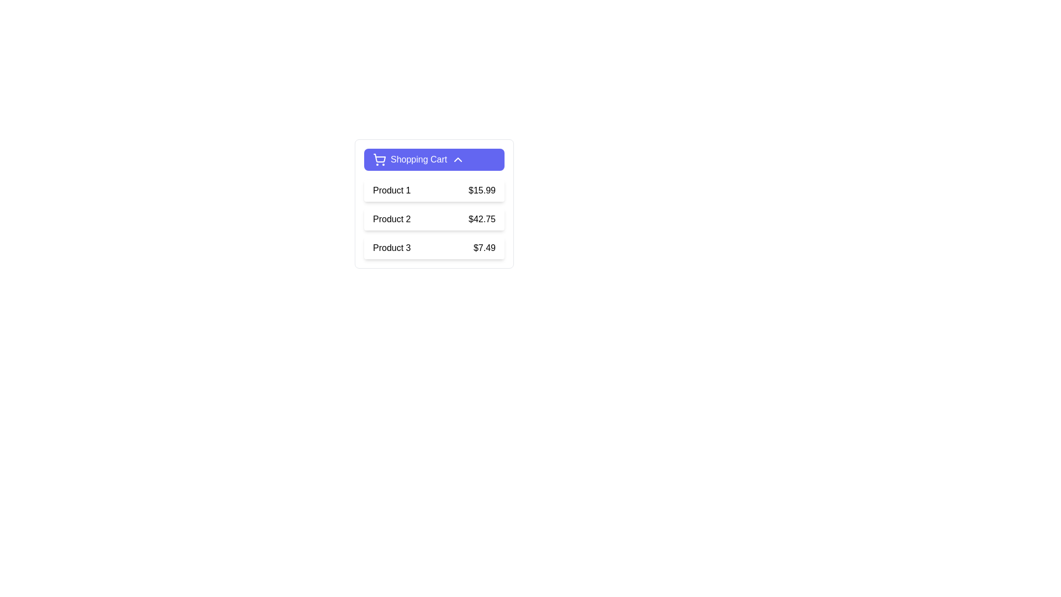  Describe the element at coordinates (392, 247) in the screenshot. I see `the text label displaying the name 'Product 3', which is located at the bottom of a vertical list of products, to assist users in identifying the product` at that location.